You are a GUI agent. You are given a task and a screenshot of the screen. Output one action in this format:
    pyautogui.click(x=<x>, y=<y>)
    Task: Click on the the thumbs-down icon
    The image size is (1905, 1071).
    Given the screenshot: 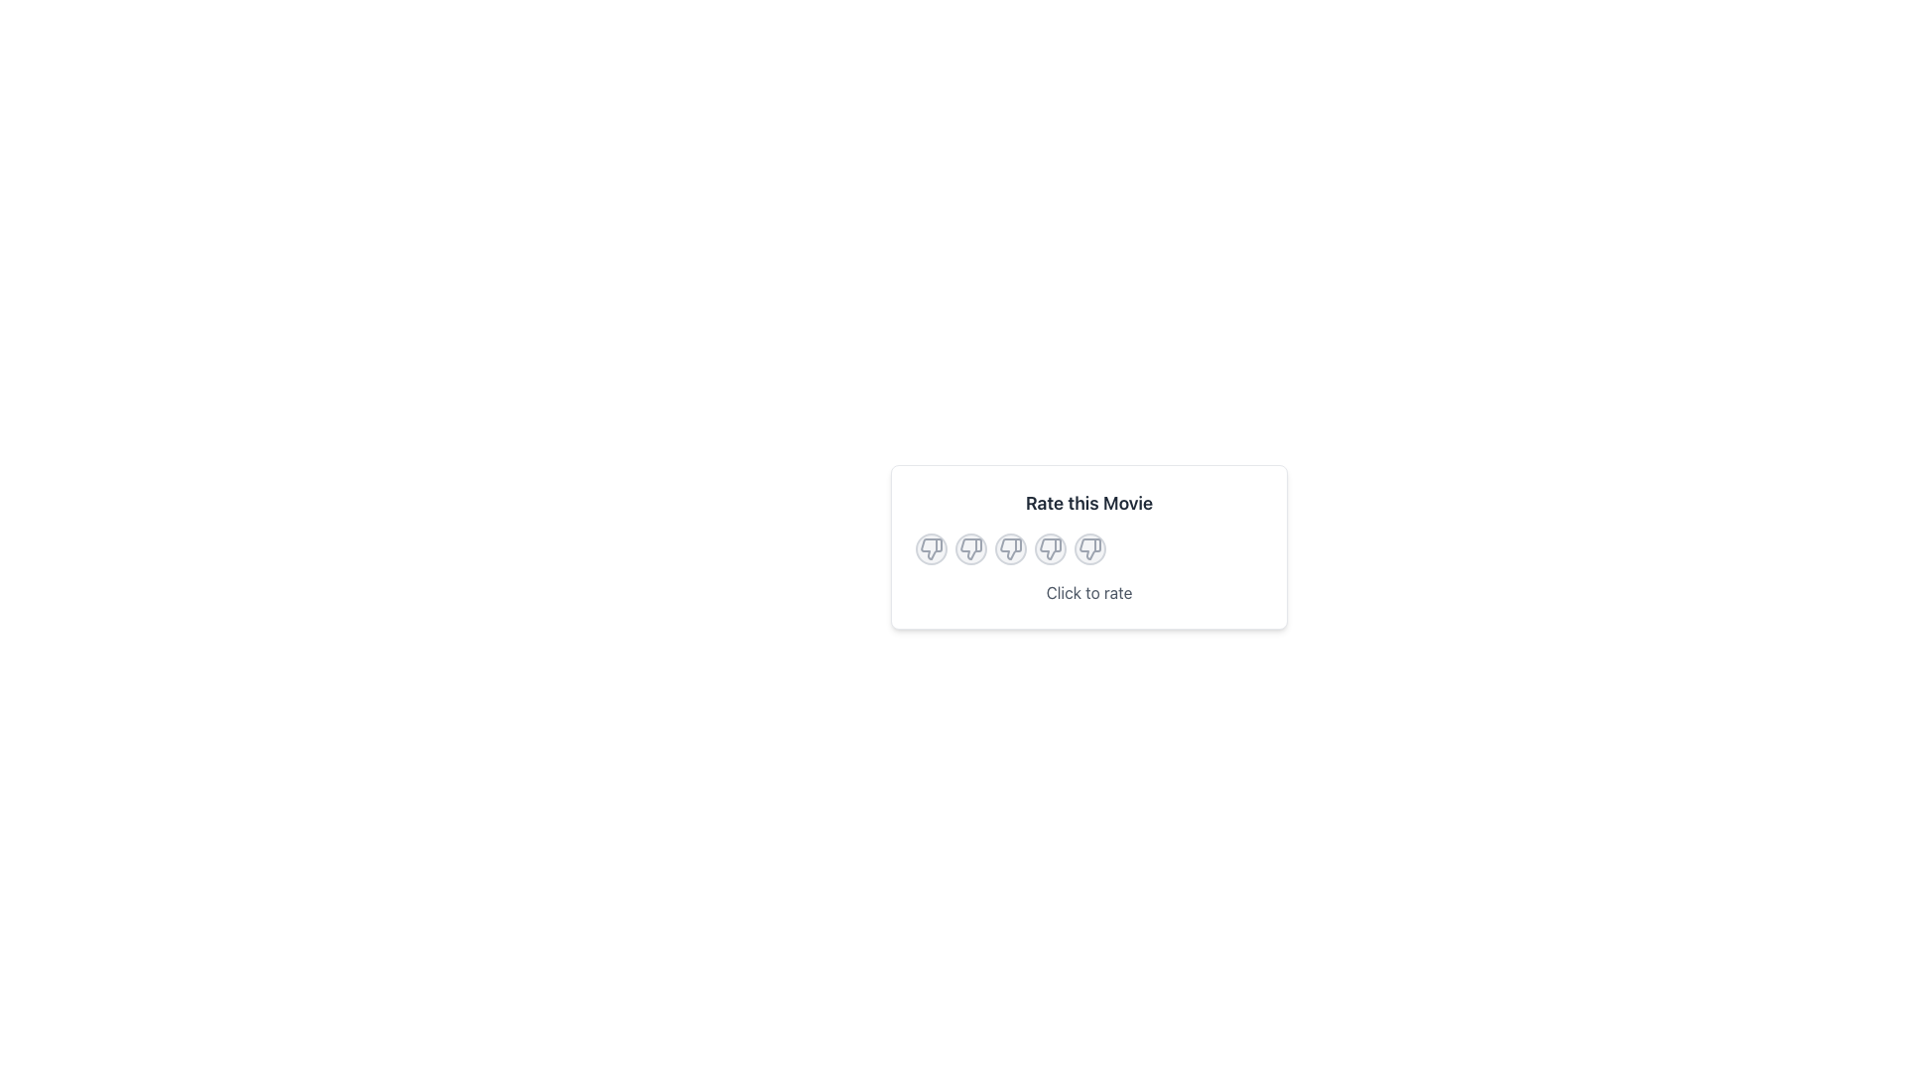 What is the action you would take?
    pyautogui.click(x=1050, y=549)
    